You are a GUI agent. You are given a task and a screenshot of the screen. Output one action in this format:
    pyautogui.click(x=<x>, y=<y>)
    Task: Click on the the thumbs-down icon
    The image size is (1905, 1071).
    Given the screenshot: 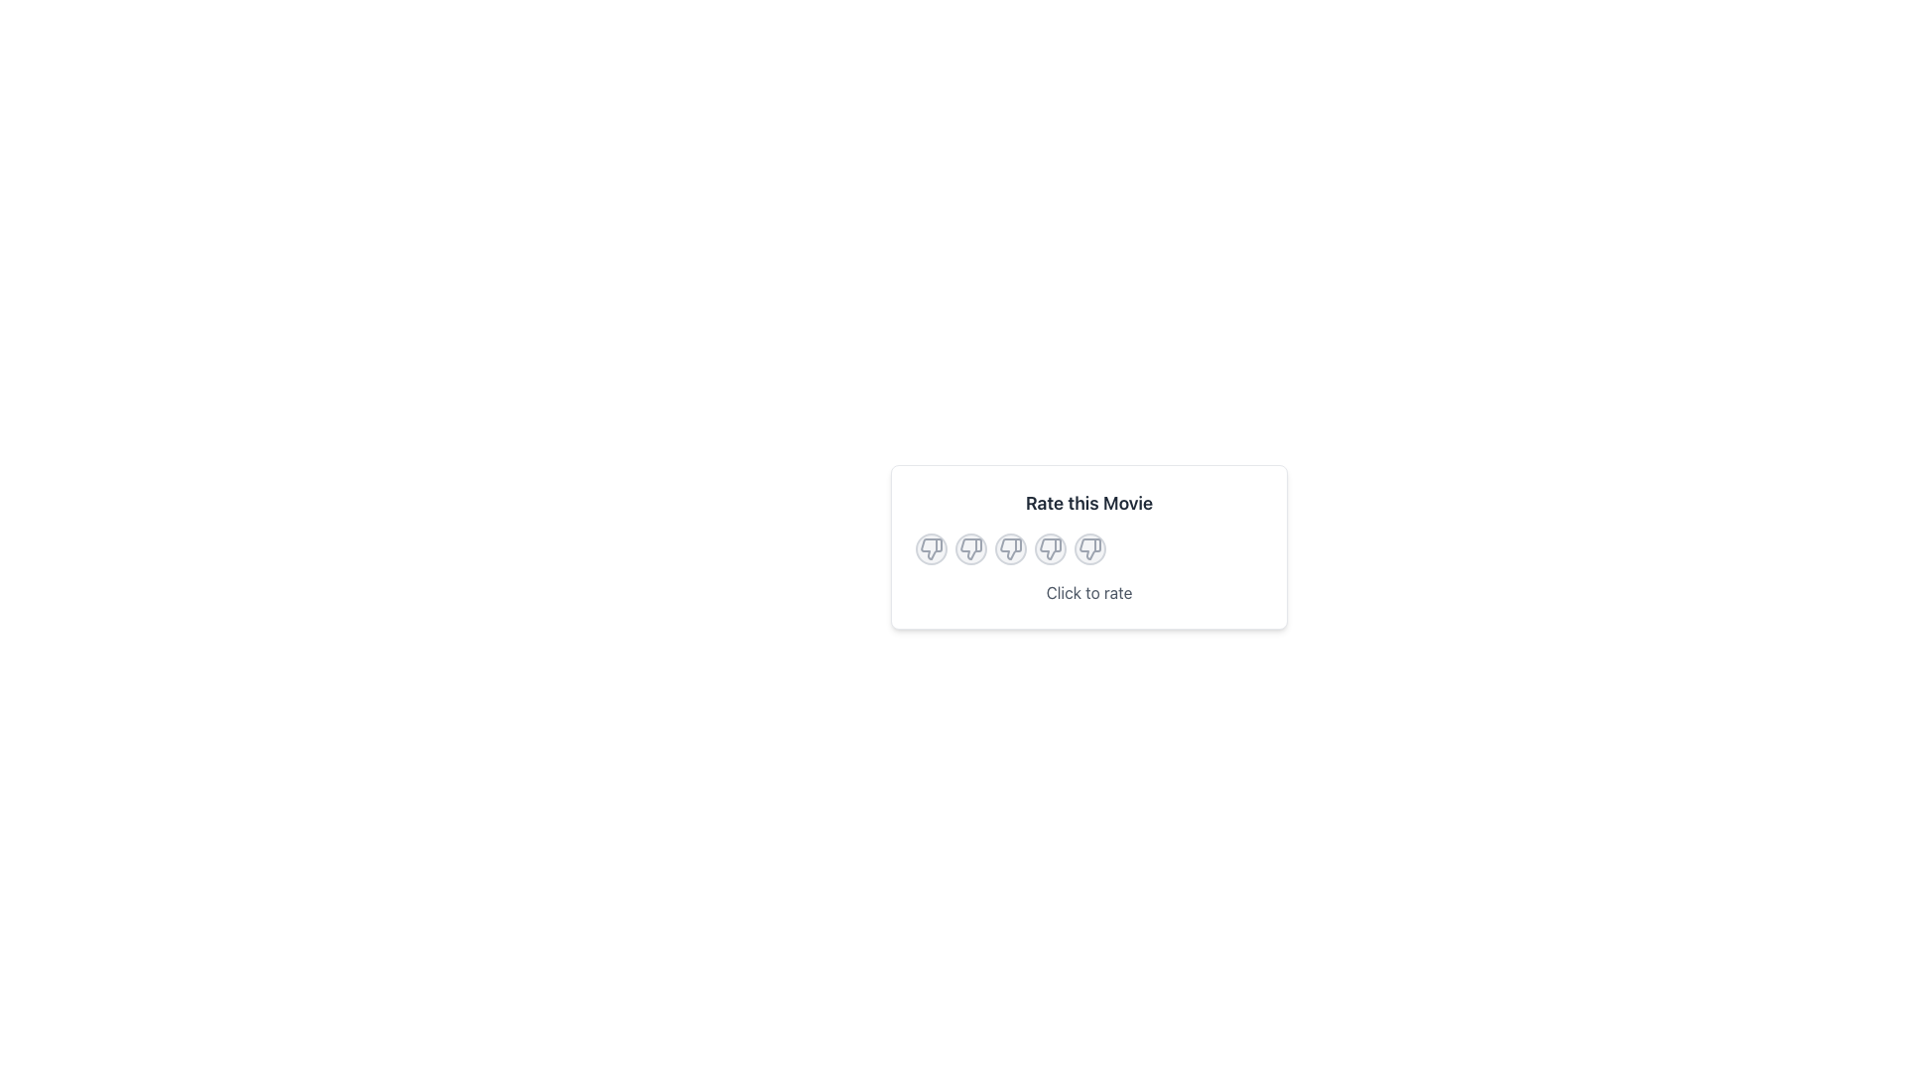 What is the action you would take?
    pyautogui.click(x=1050, y=549)
    